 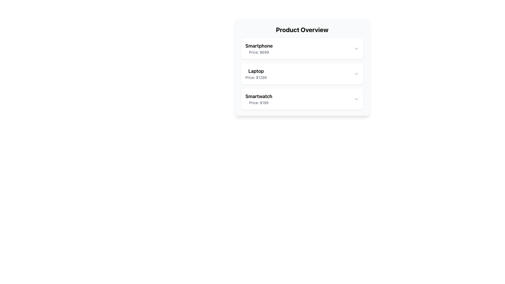 What do you see at coordinates (302, 74) in the screenshot?
I see `on the product detail display for the 'Laptop' priced at '$1299', which is the second item in the product listing interface` at bounding box center [302, 74].